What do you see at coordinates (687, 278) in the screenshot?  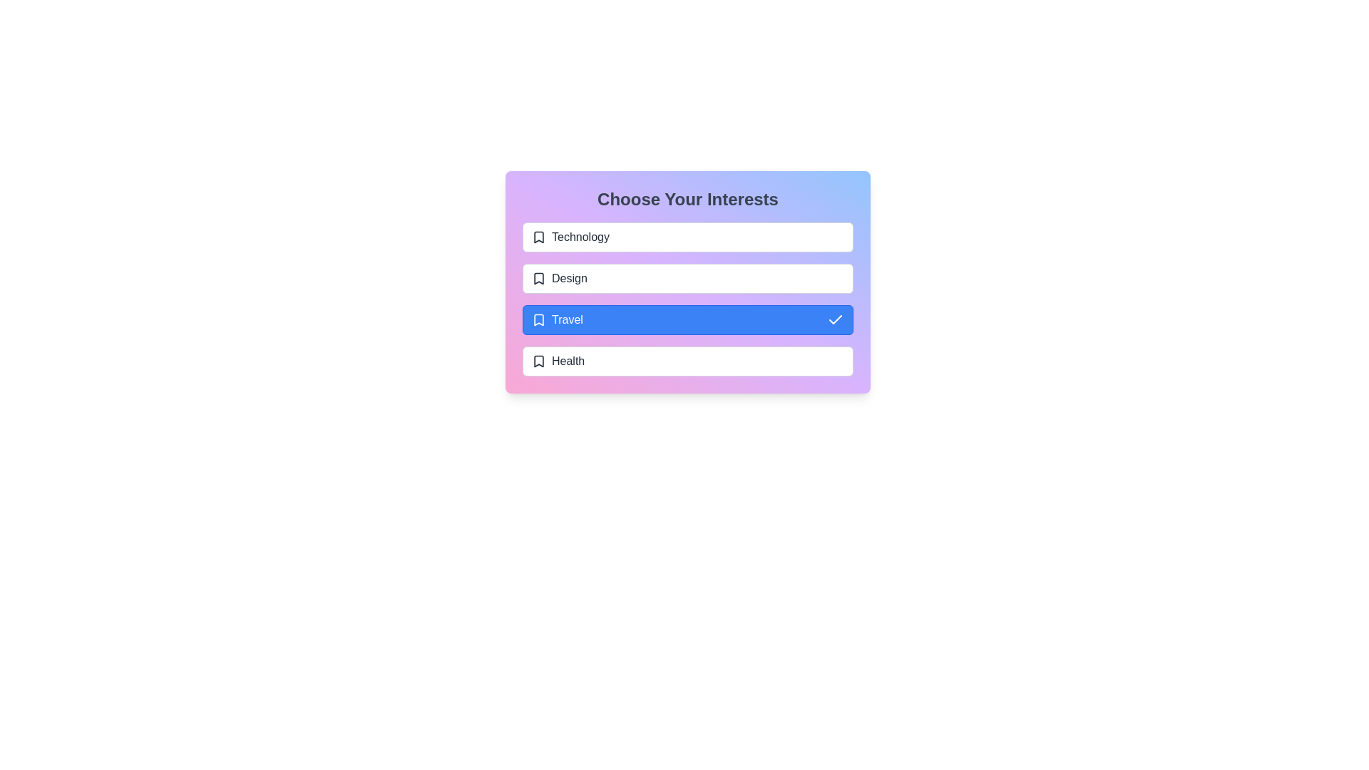 I see `the interest labeled Design` at bounding box center [687, 278].